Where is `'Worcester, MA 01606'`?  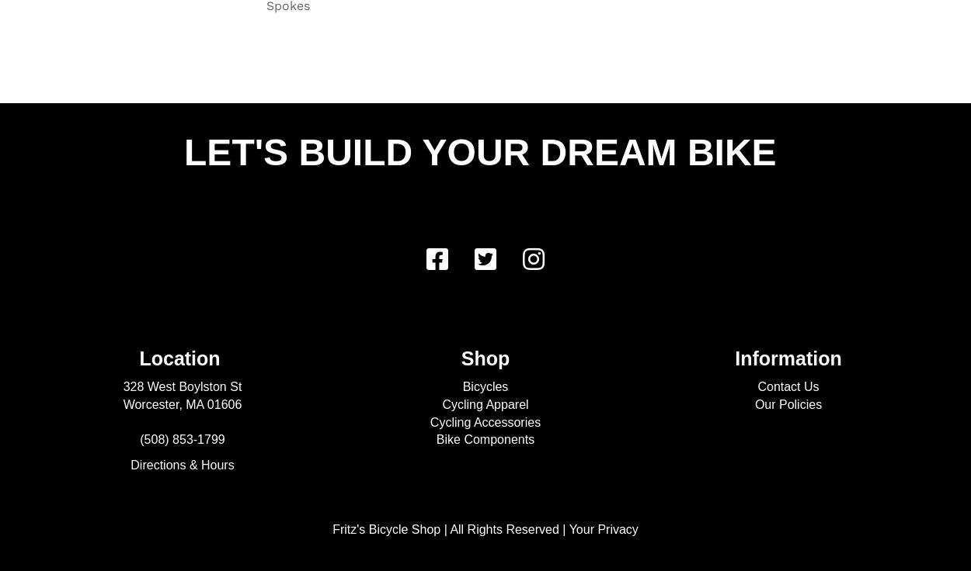
'Worcester, MA 01606' is located at coordinates (181, 403).